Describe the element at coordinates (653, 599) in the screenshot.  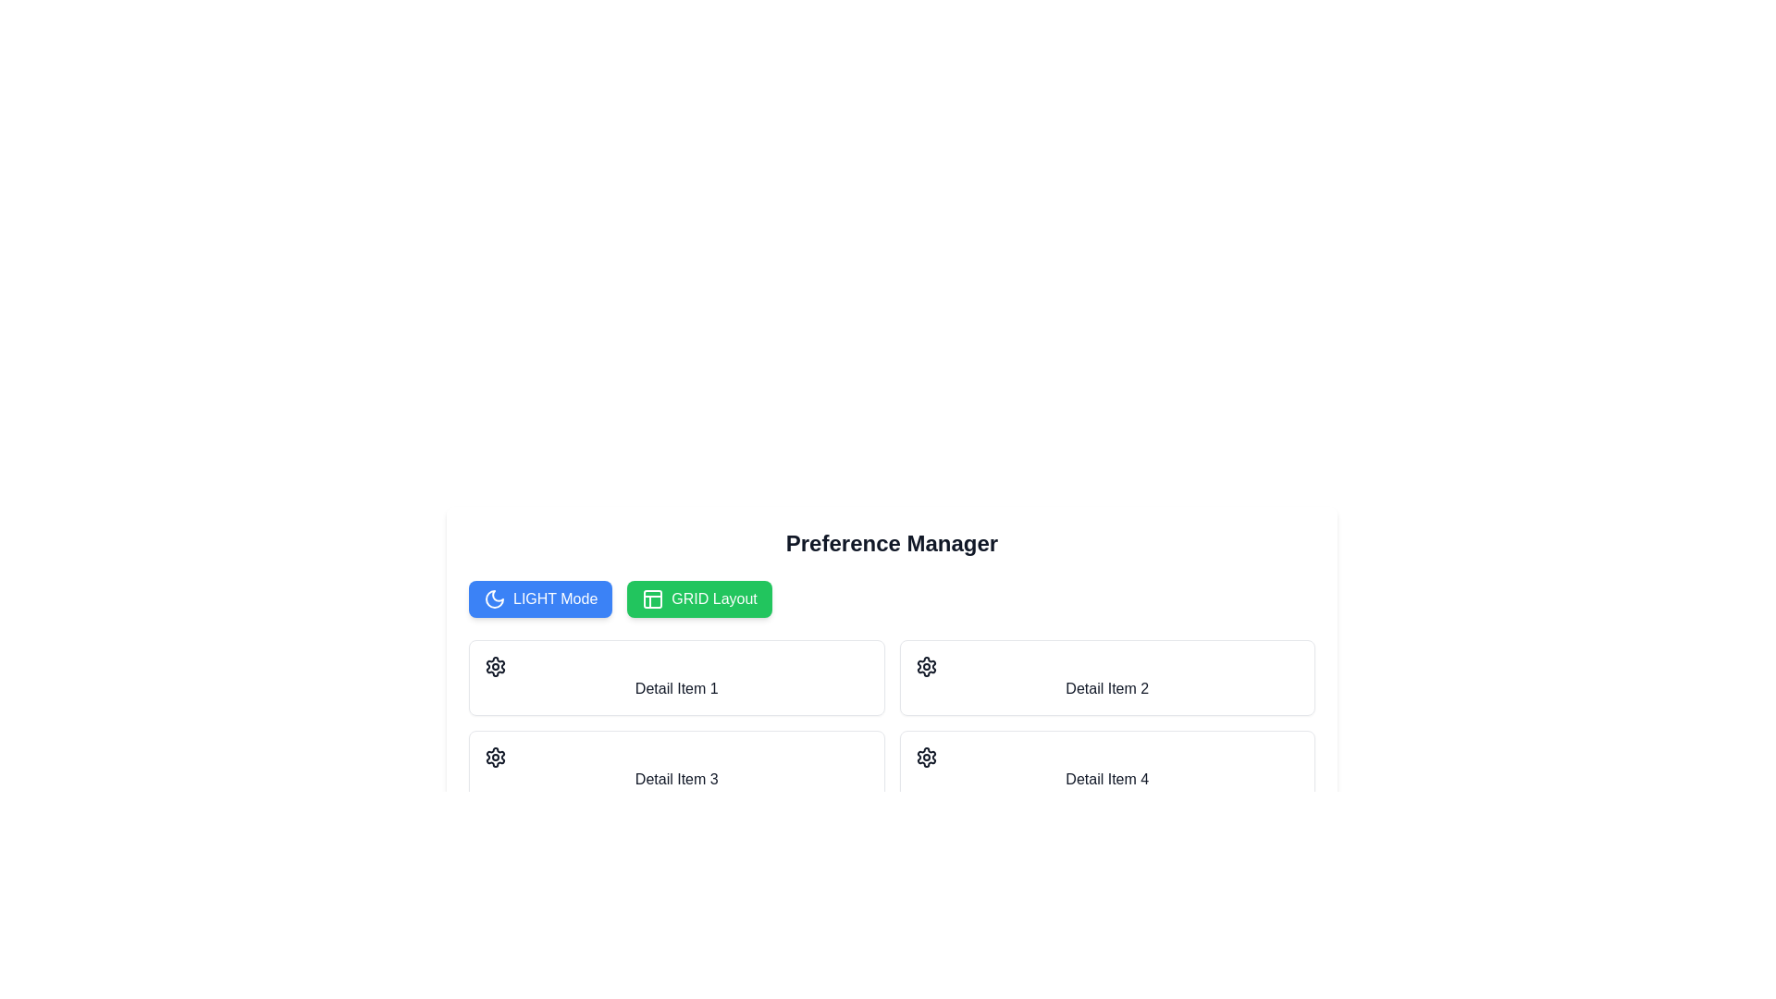
I see `the green rounded square icon located within the 'GRID Layout' button, positioned near the left-central region of the button, to understand the button's purpose` at that location.